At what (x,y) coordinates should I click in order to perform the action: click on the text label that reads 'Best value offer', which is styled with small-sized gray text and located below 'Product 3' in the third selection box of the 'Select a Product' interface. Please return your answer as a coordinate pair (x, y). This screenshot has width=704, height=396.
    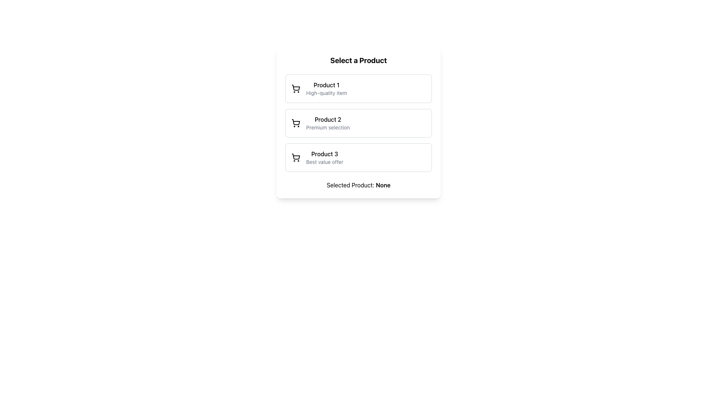
    Looking at the image, I should click on (324, 162).